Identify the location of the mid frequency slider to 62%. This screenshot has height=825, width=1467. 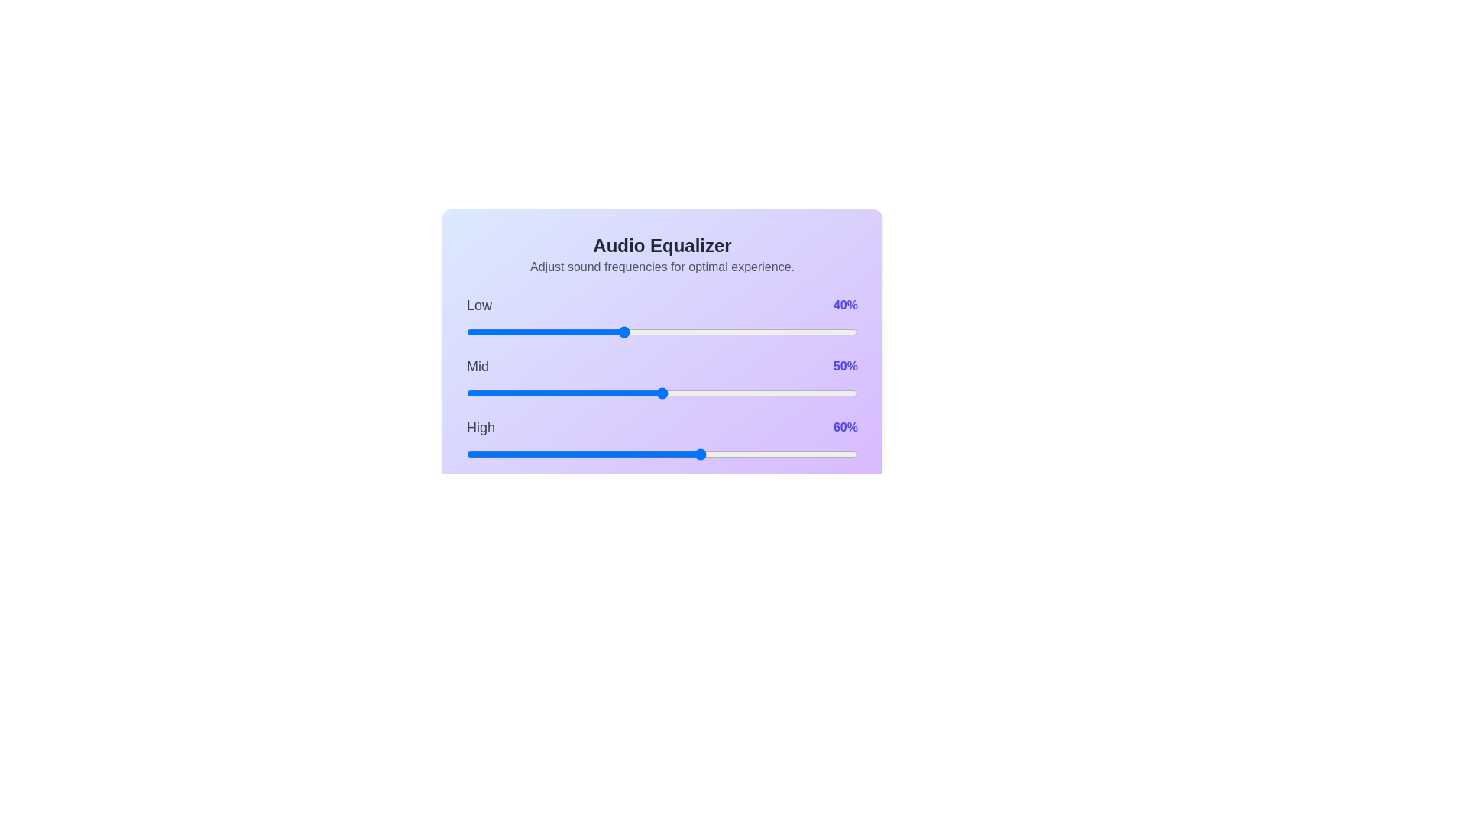
(708, 393).